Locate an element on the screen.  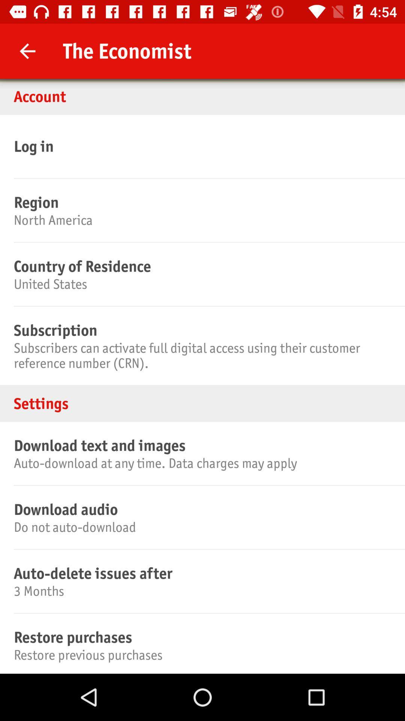
item above north america icon is located at coordinates (201, 202).